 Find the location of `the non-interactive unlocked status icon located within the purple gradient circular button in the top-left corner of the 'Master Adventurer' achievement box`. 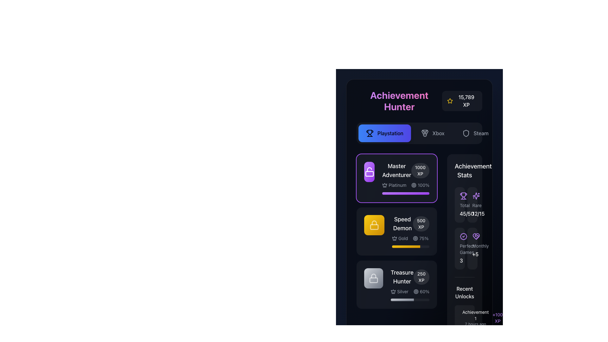

the non-interactive unlocked status icon located within the purple gradient circular button in the top-left corner of the 'Master Adventurer' achievement box is located at coordinates (369, 172).